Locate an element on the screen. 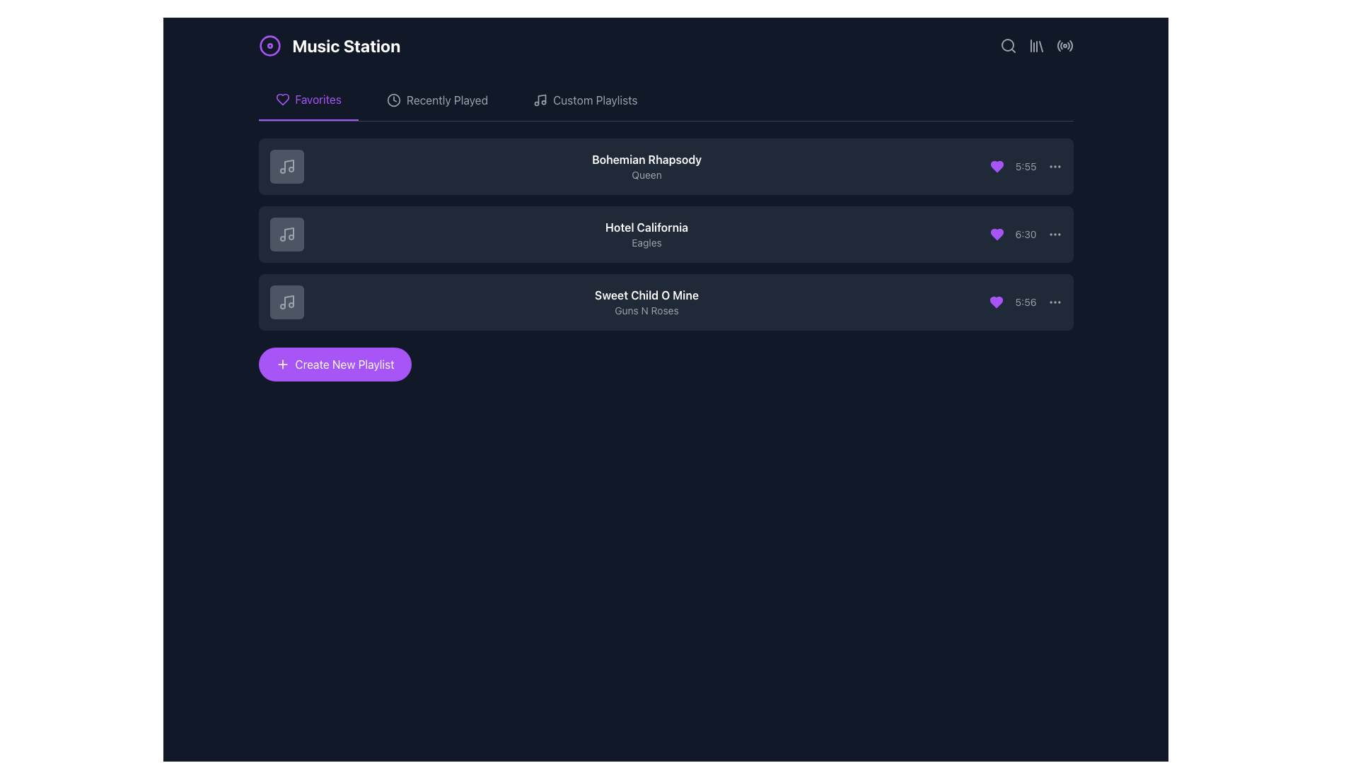  the vibrant purple circular icon with concentric circles and a central dot, located to the left of the 'Music Station' text is located at coordinates (269, 45).